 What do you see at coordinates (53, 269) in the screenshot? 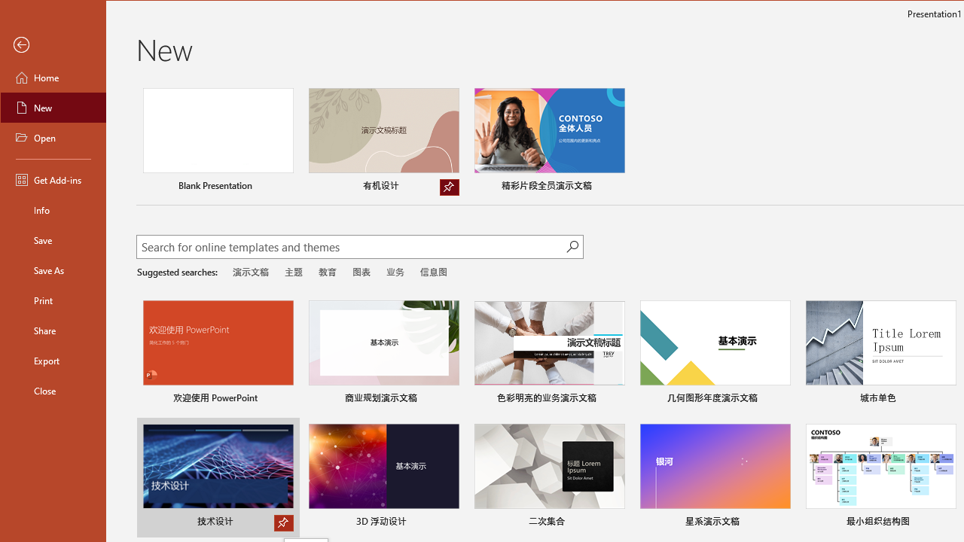
I see `'Save As'` at bounding box center [53, 269].